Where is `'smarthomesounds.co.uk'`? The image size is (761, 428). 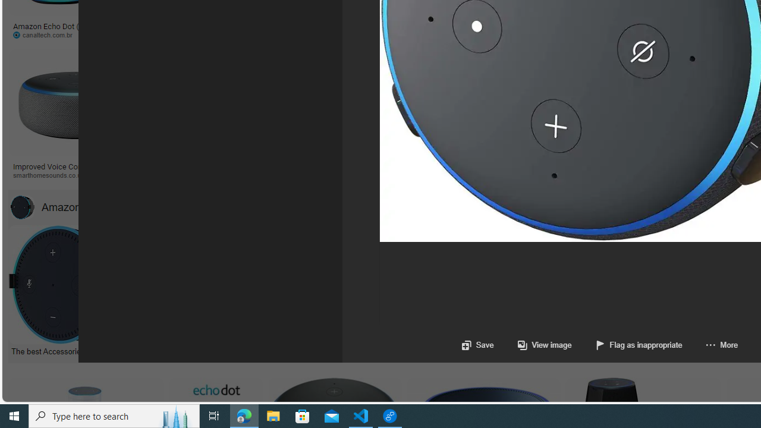
'smarthomesounds.co.uk' is located at coordinates (52, 175).